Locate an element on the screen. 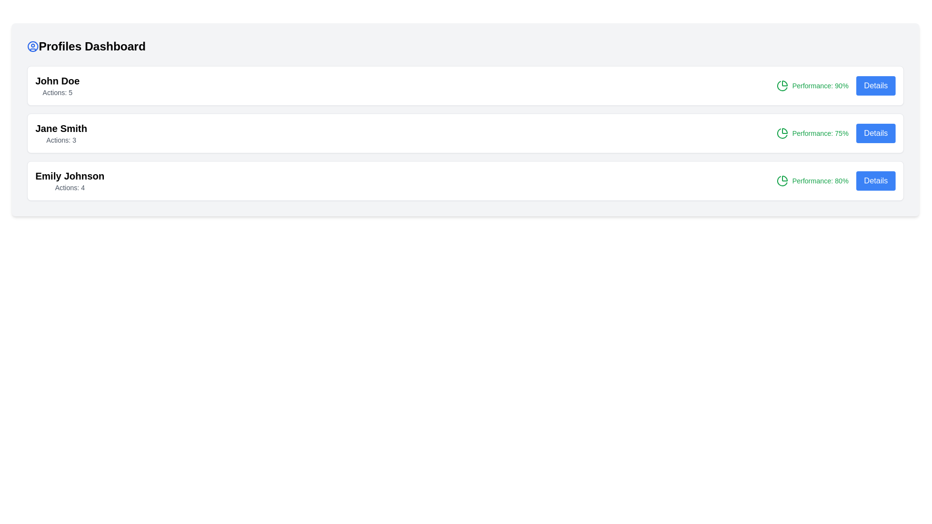 This screenshot has height=524, width=932. the performance information element located in the bottommost profile card to the right of 'Emily Johnson' is located at coordinates (835, 181).